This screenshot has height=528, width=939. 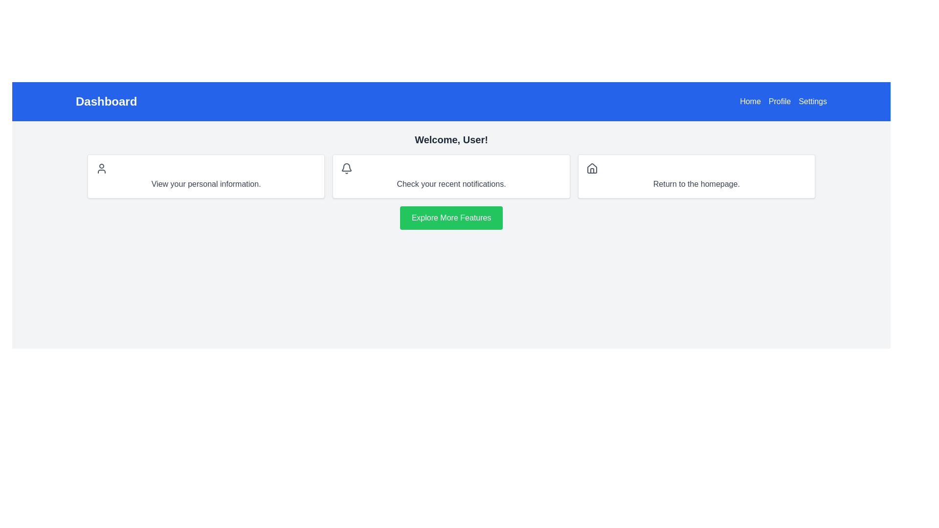 What do you see at coordinates (591, 168) in the screenshot?
I see `the navigation icon in the rightmost card, located above the text 'Return to the homepage'` at bounding box center [591, 168].